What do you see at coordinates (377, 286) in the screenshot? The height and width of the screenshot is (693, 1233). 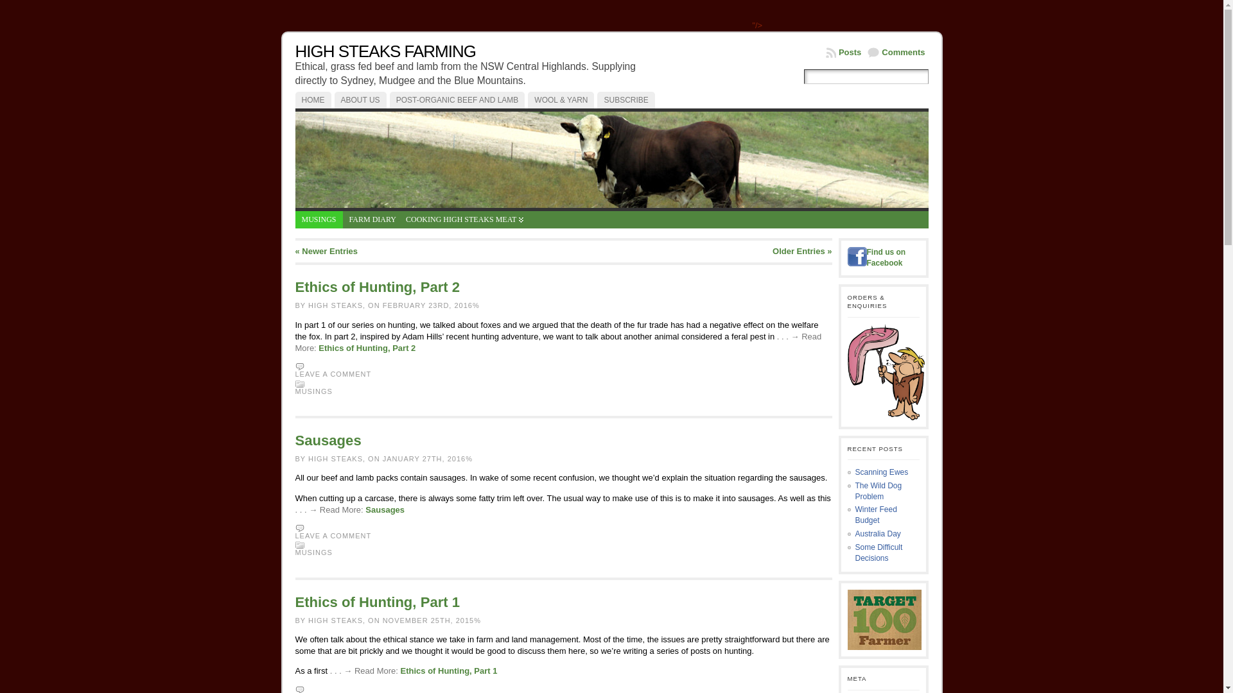 I see `'Ethics of Hunting, Part 2'` at bounding box center [377, 286].